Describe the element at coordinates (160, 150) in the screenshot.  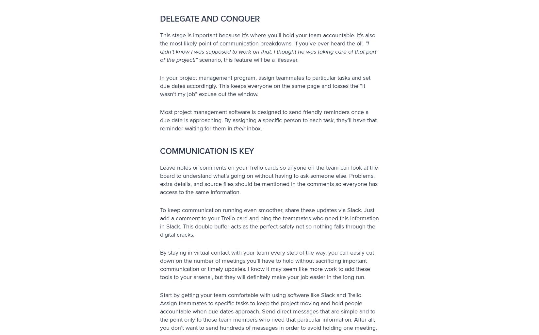
I see `'Communication is Key'` at that location.